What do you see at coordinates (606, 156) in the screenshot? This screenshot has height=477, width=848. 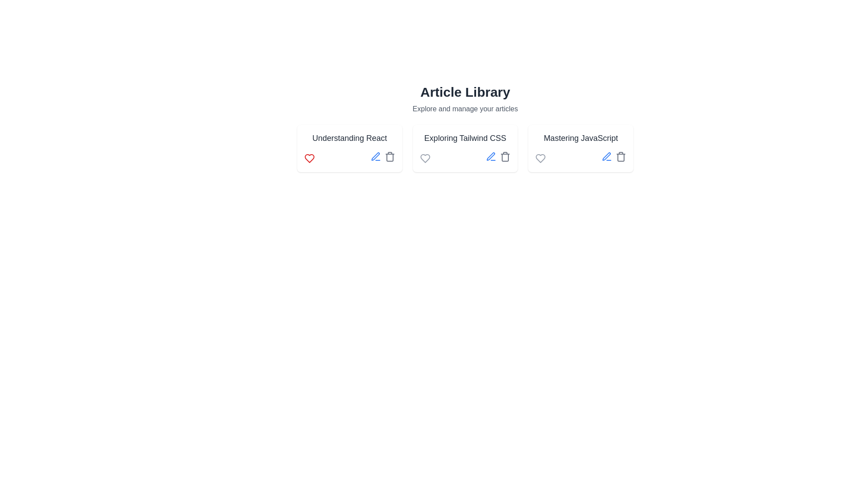 I see `the stylized pen icon with a blue outline, which represents editing functionality` at bounding box center [606, 156].